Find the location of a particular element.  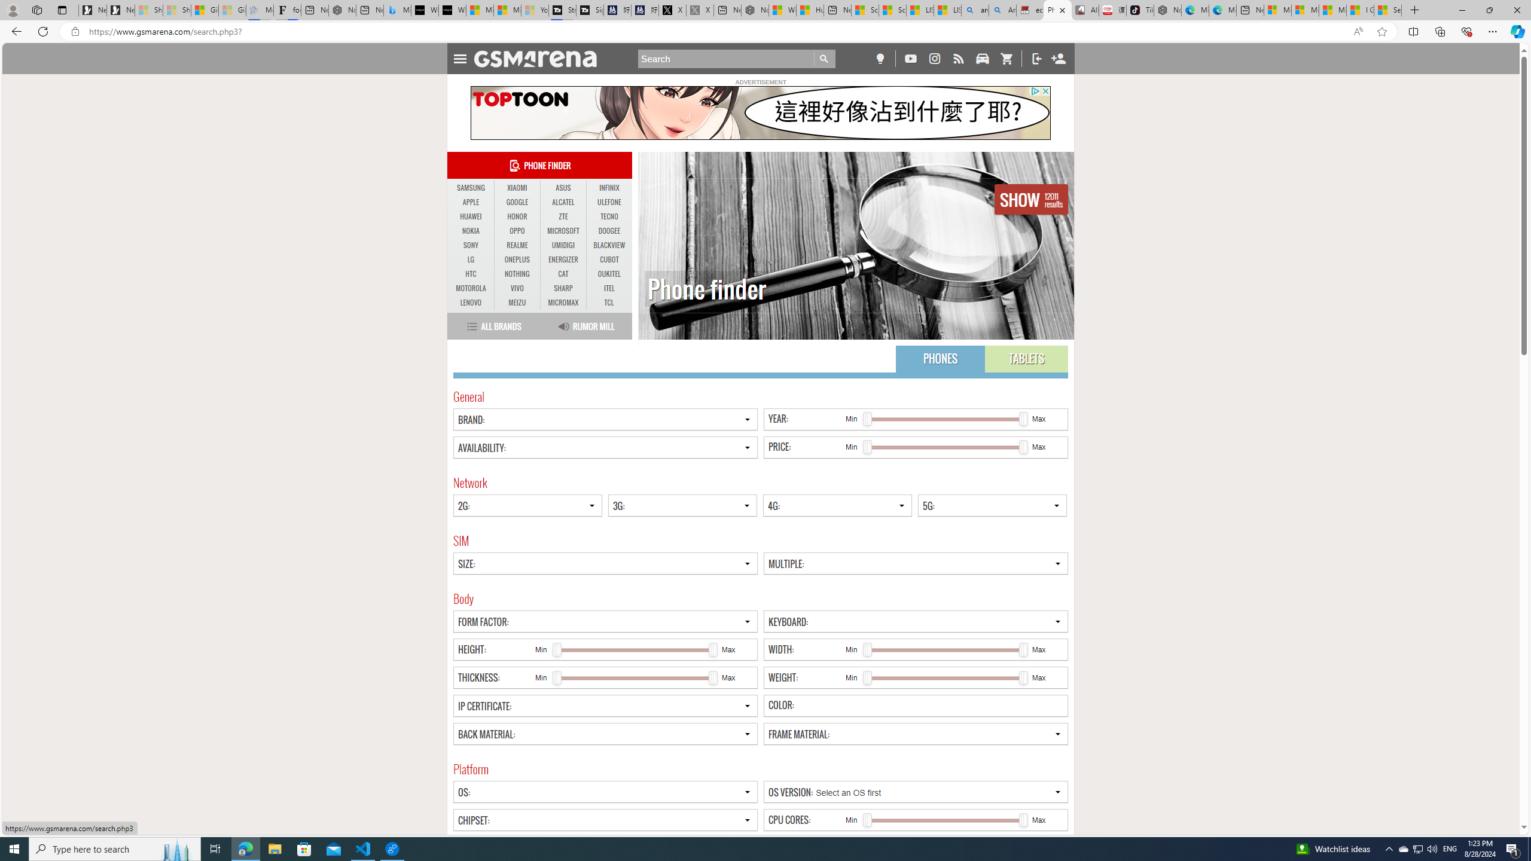

'Amazon Echo Dot PNG - Search Images' is located at coordinates (1002, 10).